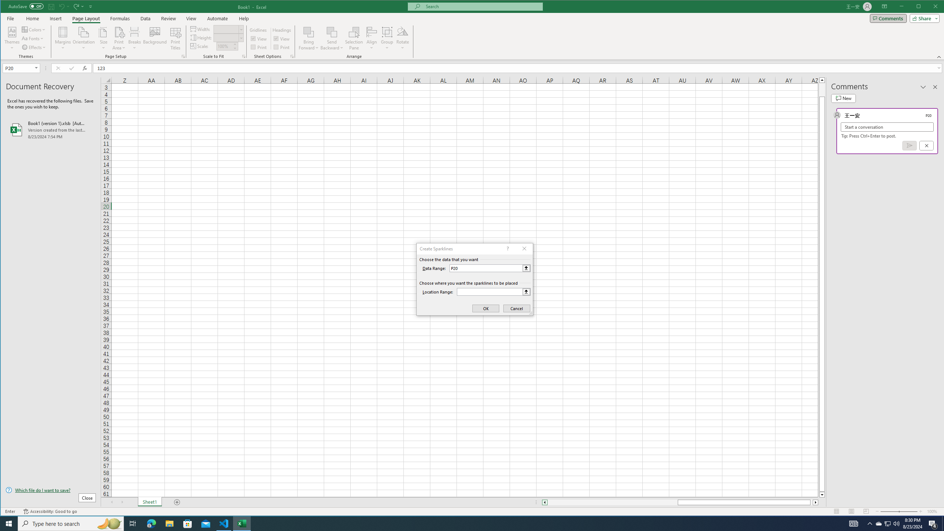 The width and height of the screenshot is (944, 531). Describe the element at coordinates (191, 18) in the screenshot. I see `'View'` at that location.